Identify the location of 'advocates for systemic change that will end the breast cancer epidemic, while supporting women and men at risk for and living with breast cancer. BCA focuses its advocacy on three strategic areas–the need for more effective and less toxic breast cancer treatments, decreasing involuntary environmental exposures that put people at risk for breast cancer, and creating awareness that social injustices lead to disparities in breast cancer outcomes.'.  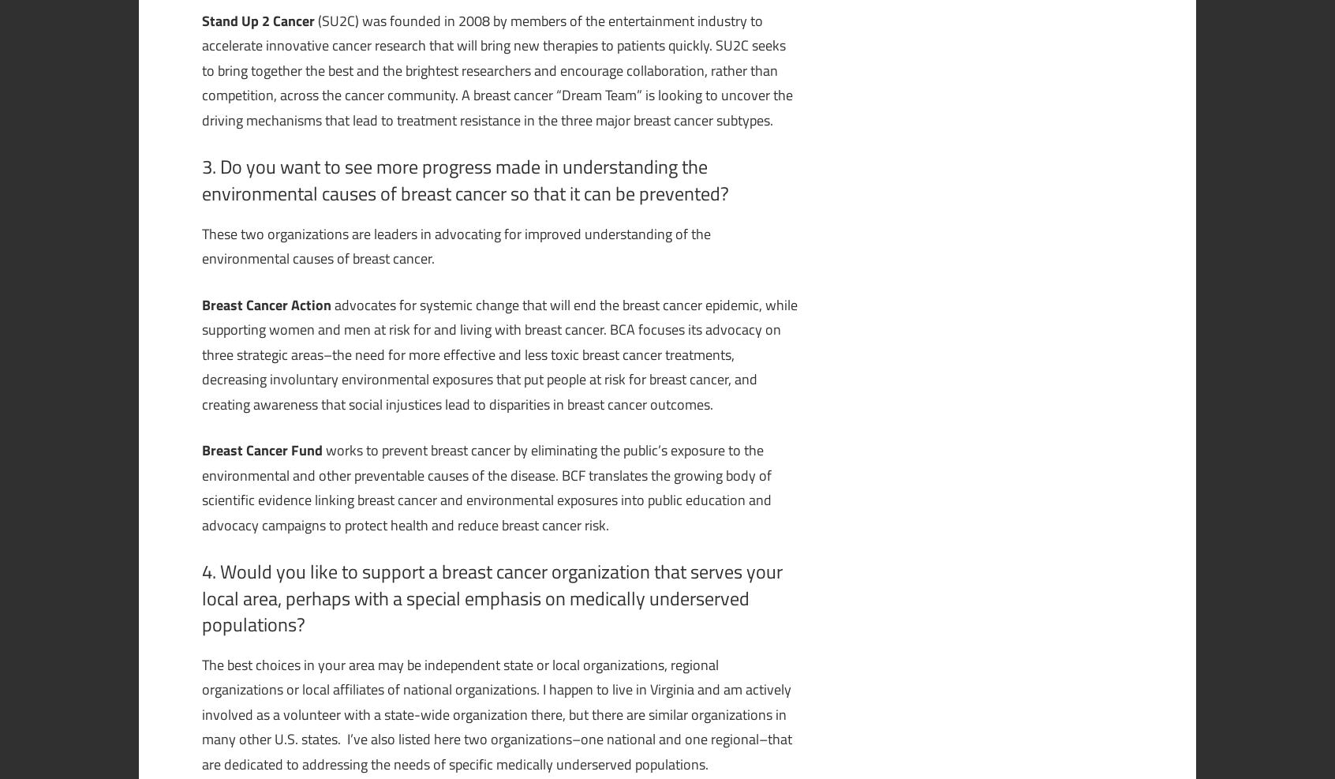
(499, 353).